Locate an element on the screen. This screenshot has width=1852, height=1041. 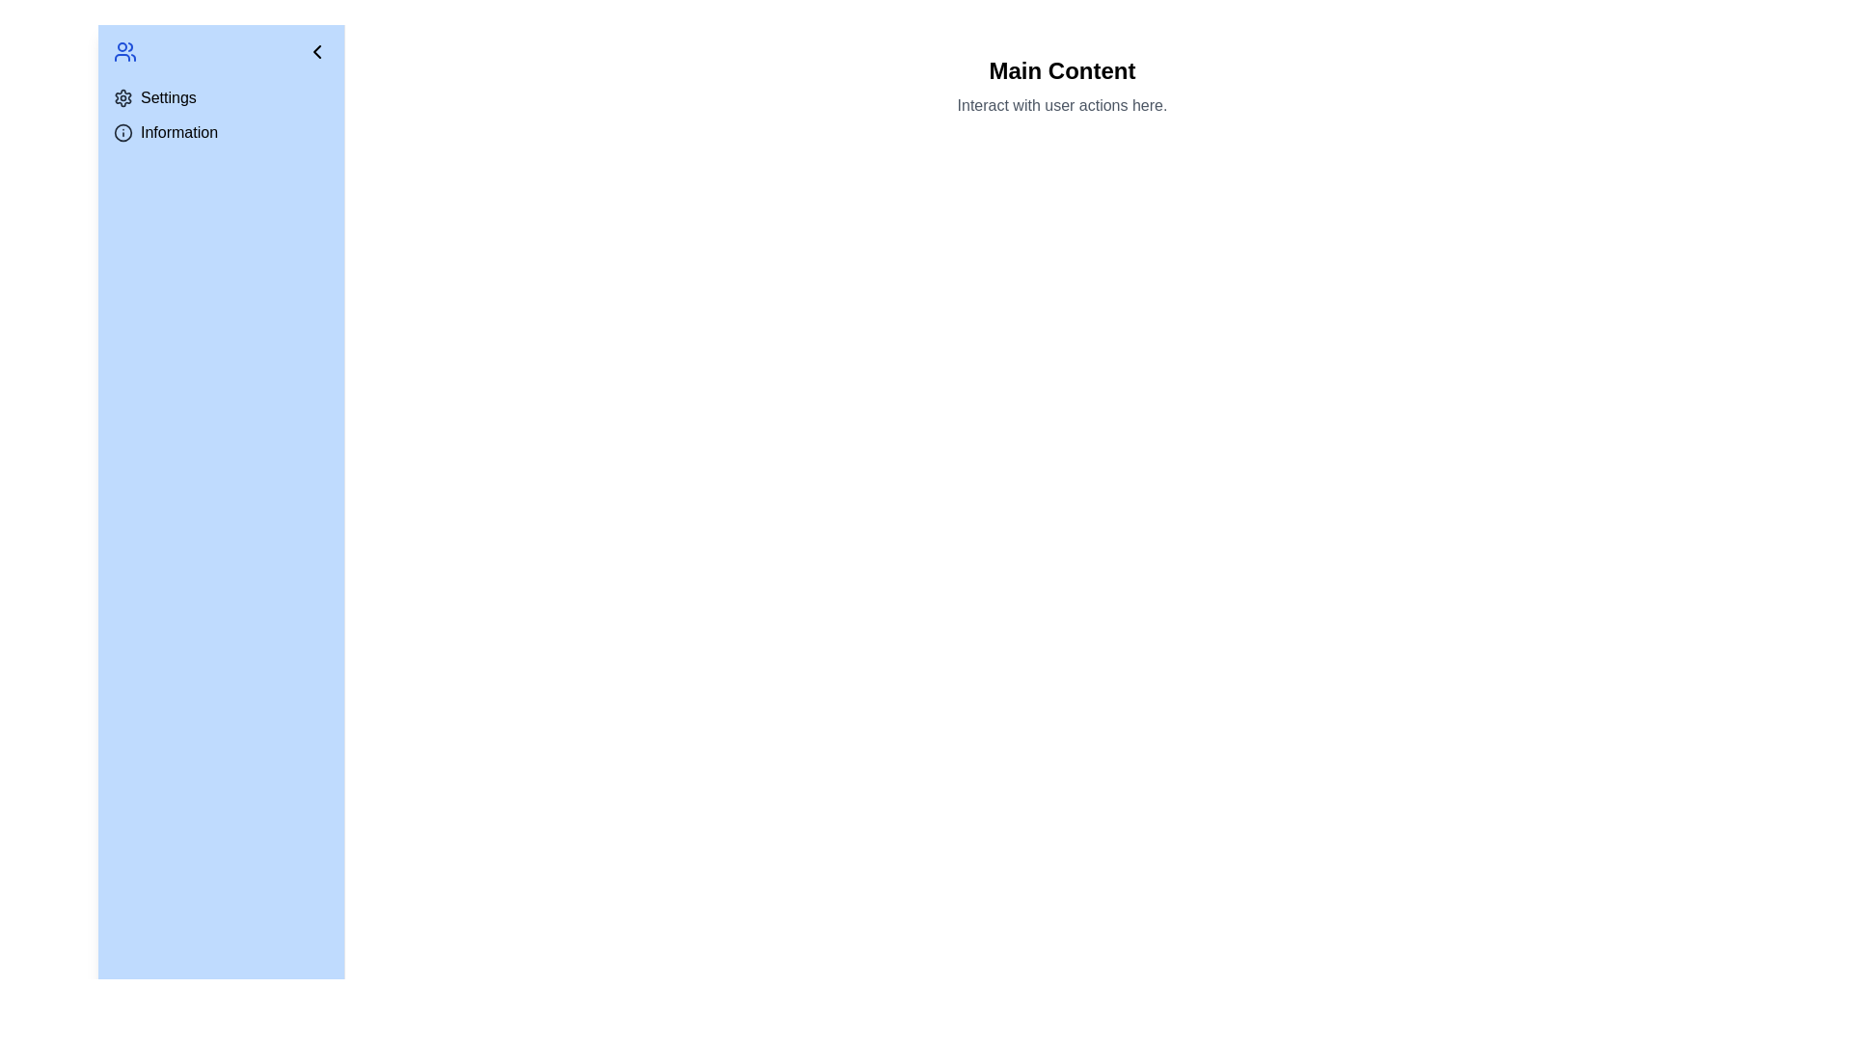
the text label displaying 'Interact with user actions here.' which is positioned below the 'Main Content' header is located at coordinates (1061, 106).